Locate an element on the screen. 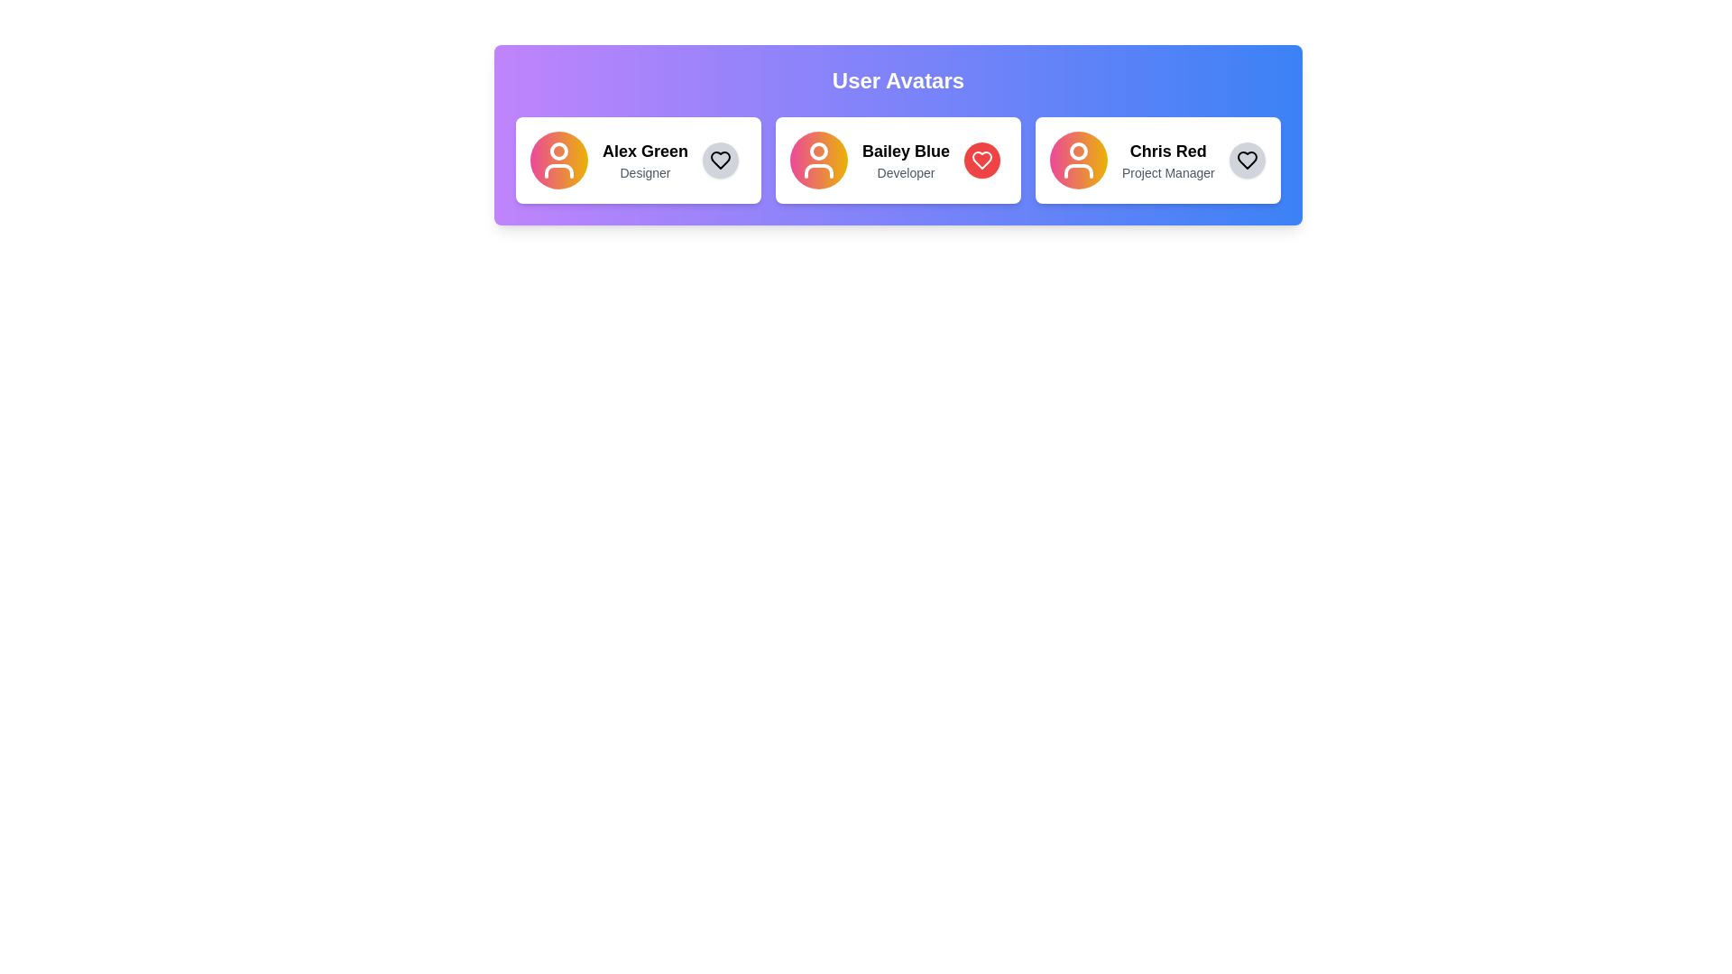 The height and width of the screenshot is (974, 1732). the heart icon with a black outline representing a non-filled state is located at coordinates (720, 159).